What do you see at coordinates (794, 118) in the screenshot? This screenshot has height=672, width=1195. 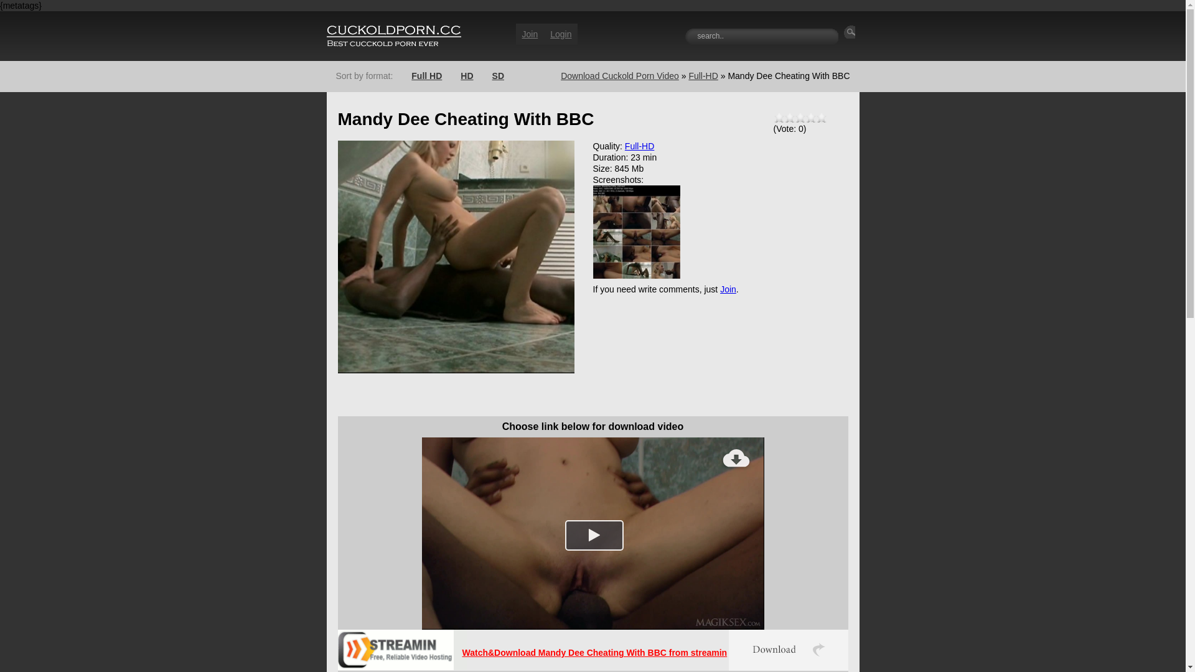 I see `'3'` at bounding box center [794, 118].